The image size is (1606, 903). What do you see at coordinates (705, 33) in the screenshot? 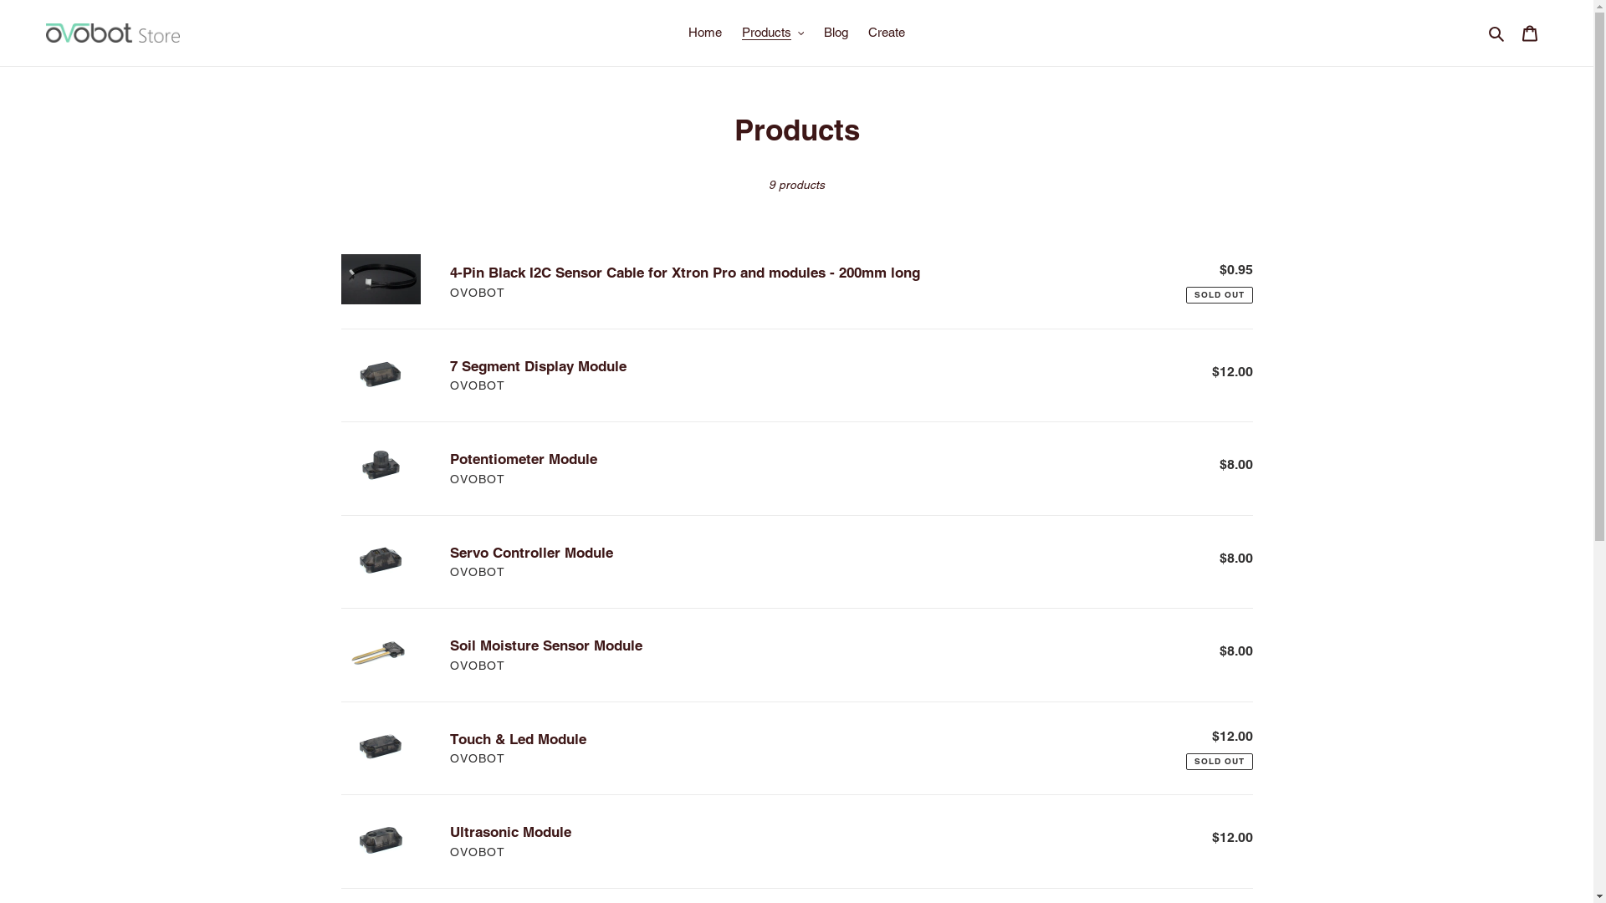
I see `'Home'` at bounding box center [705, 33].